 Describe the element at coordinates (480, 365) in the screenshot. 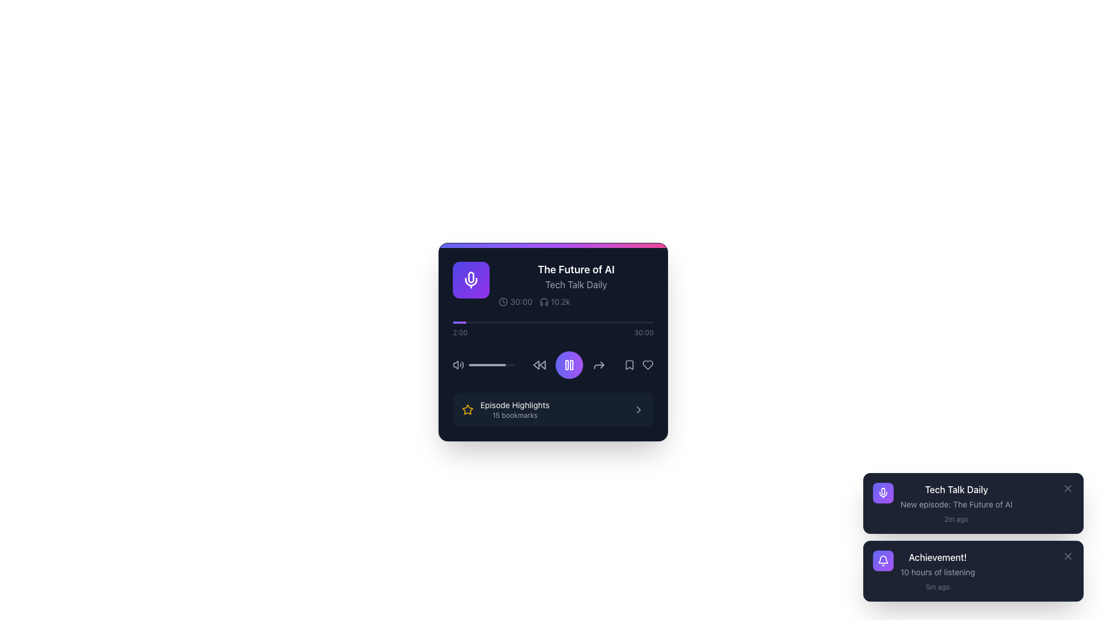

I see `the volume` at that location.